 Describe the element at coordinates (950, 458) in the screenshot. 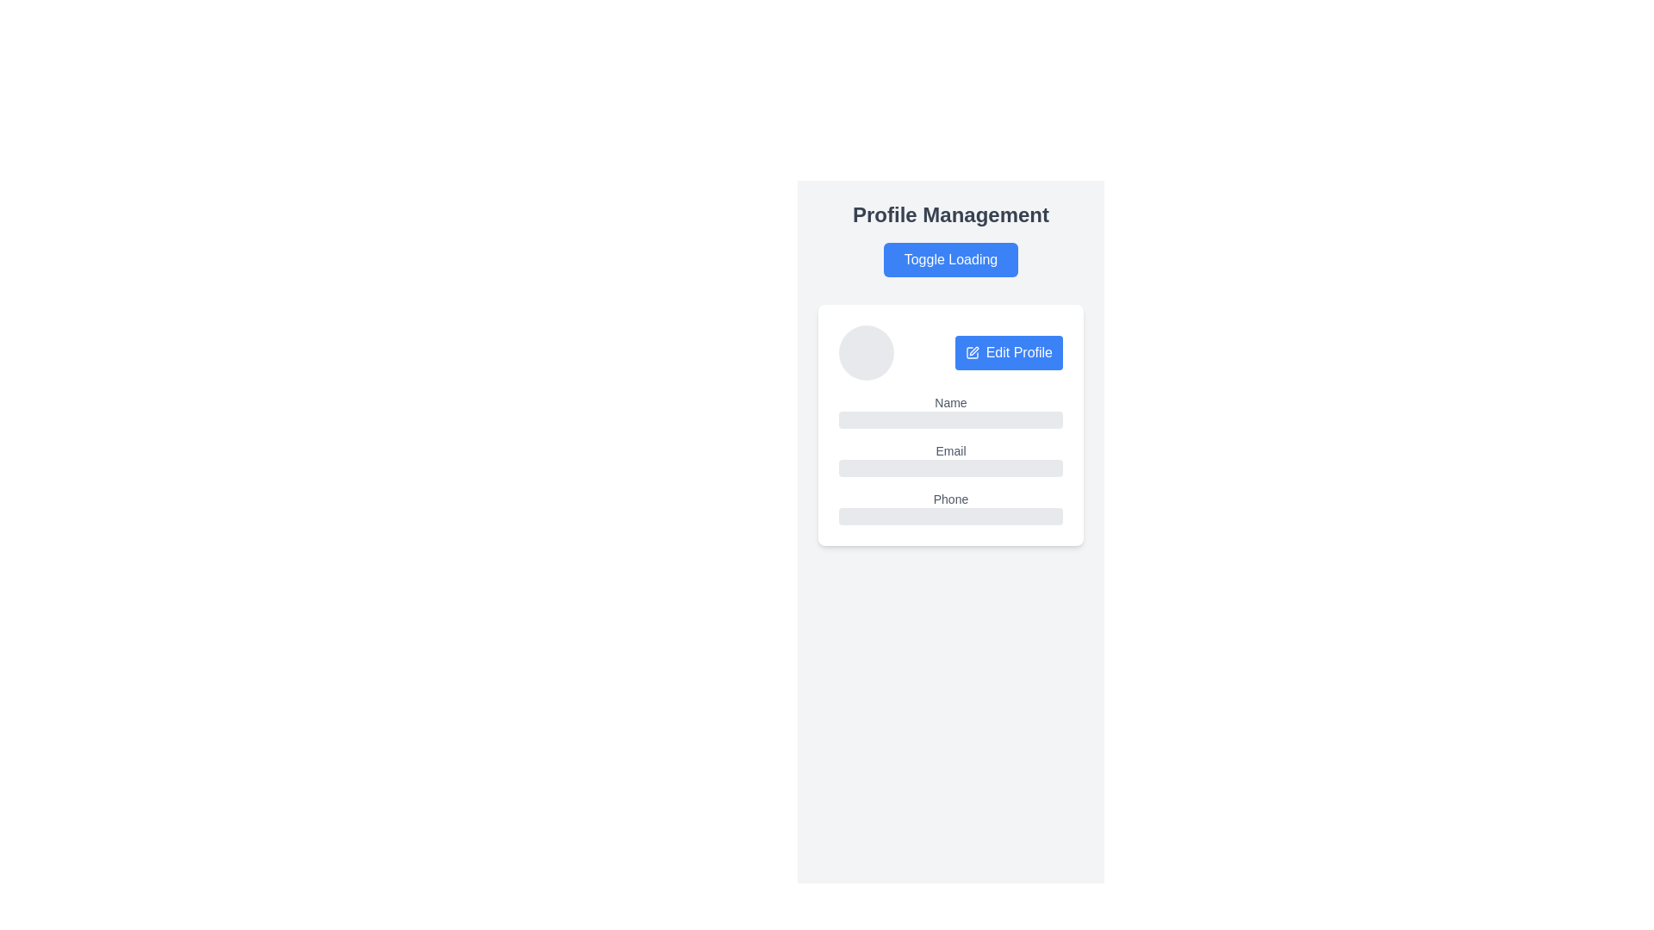

I see `the vertically stacked group displaying 'Name', 'Email', and 'Phone' with a gray background and animation pulse effect` at that location.